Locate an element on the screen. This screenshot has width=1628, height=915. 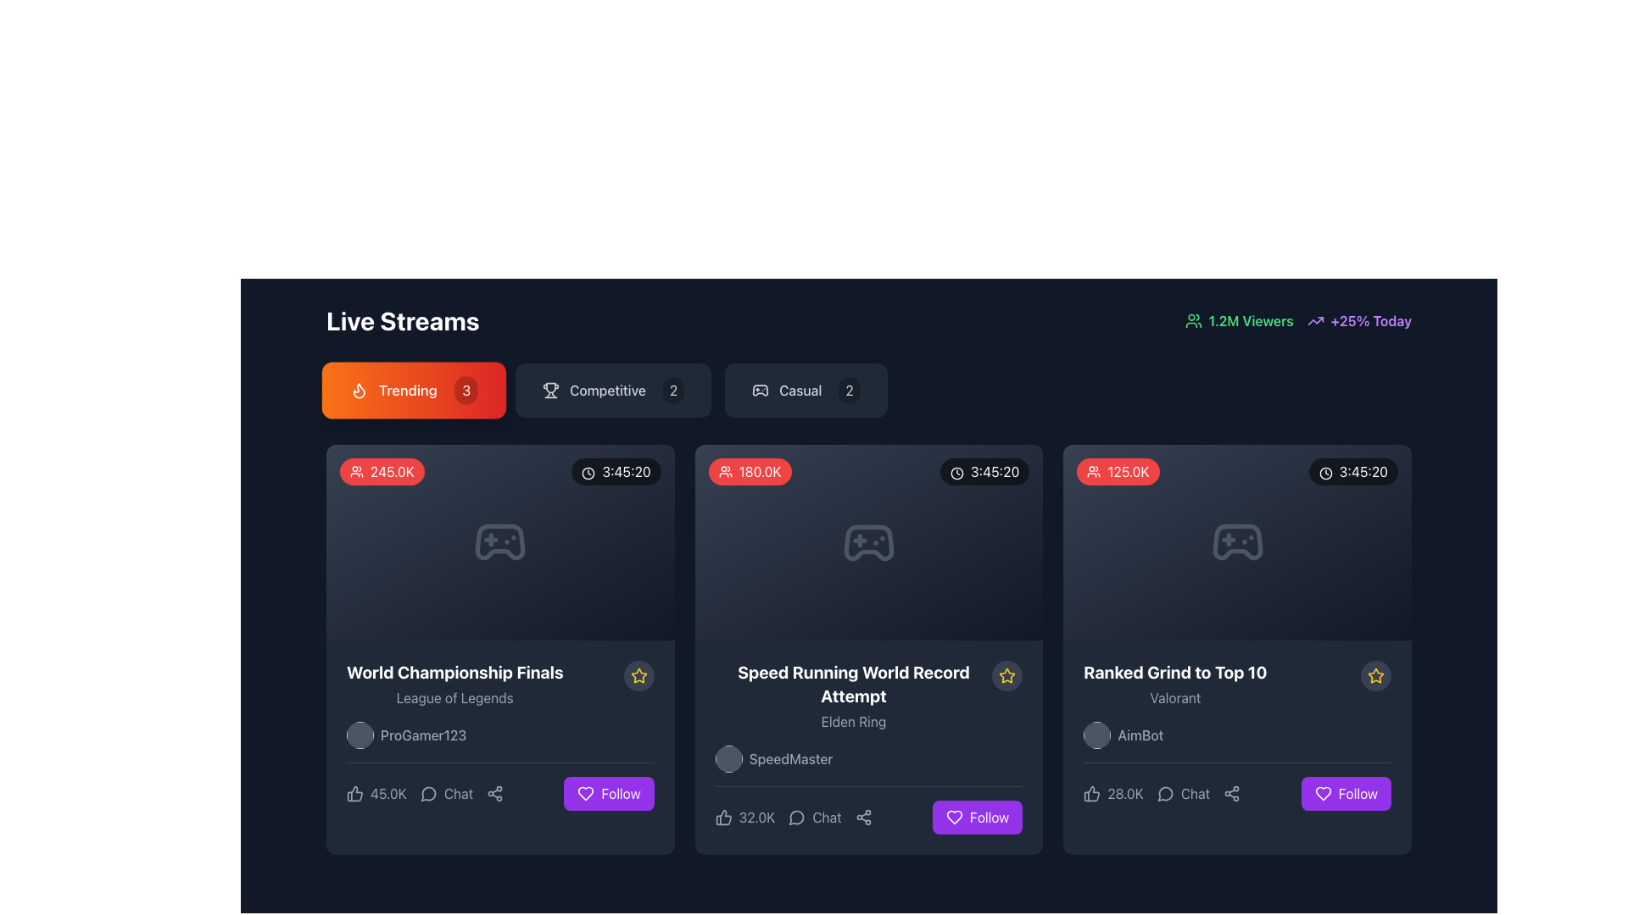
the small gray share icon located in the bottom-right quadrant of the 'Ranked Grind to Top 10' card, positioned between the 'Chat' and 'Follow' buttons is located at coordinates (1237, 786).